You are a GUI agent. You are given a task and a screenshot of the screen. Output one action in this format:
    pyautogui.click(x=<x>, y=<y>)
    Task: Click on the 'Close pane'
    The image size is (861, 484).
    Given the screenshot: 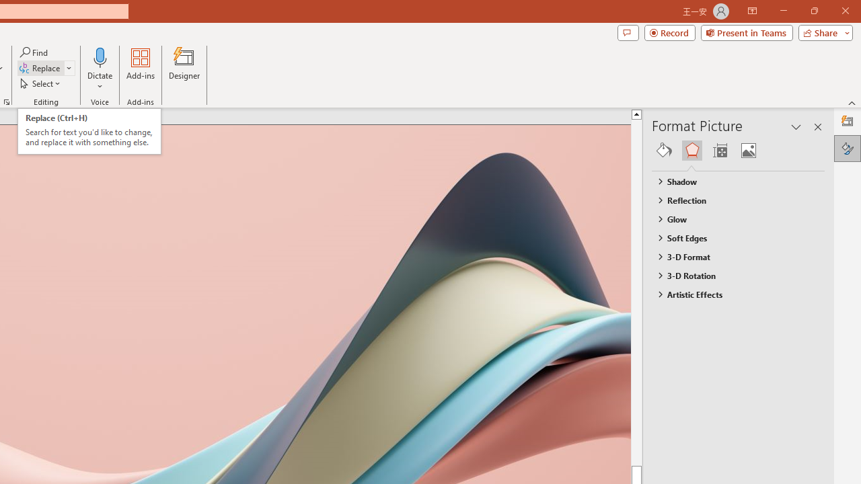 What is the action you would take?
    pyautogui.click(x=817, y=127)
    